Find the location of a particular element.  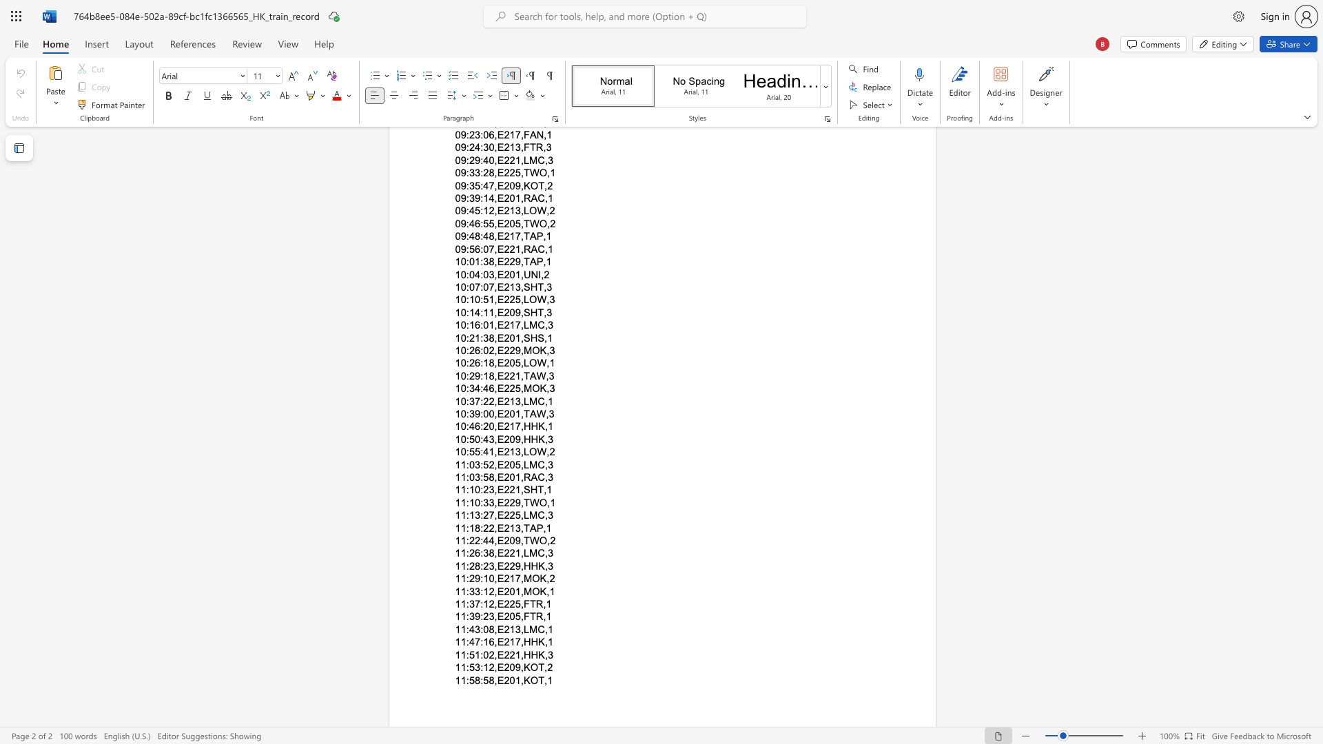

the space between the continuous character "2" and "1" in the text is located at coordinates (509, 579).